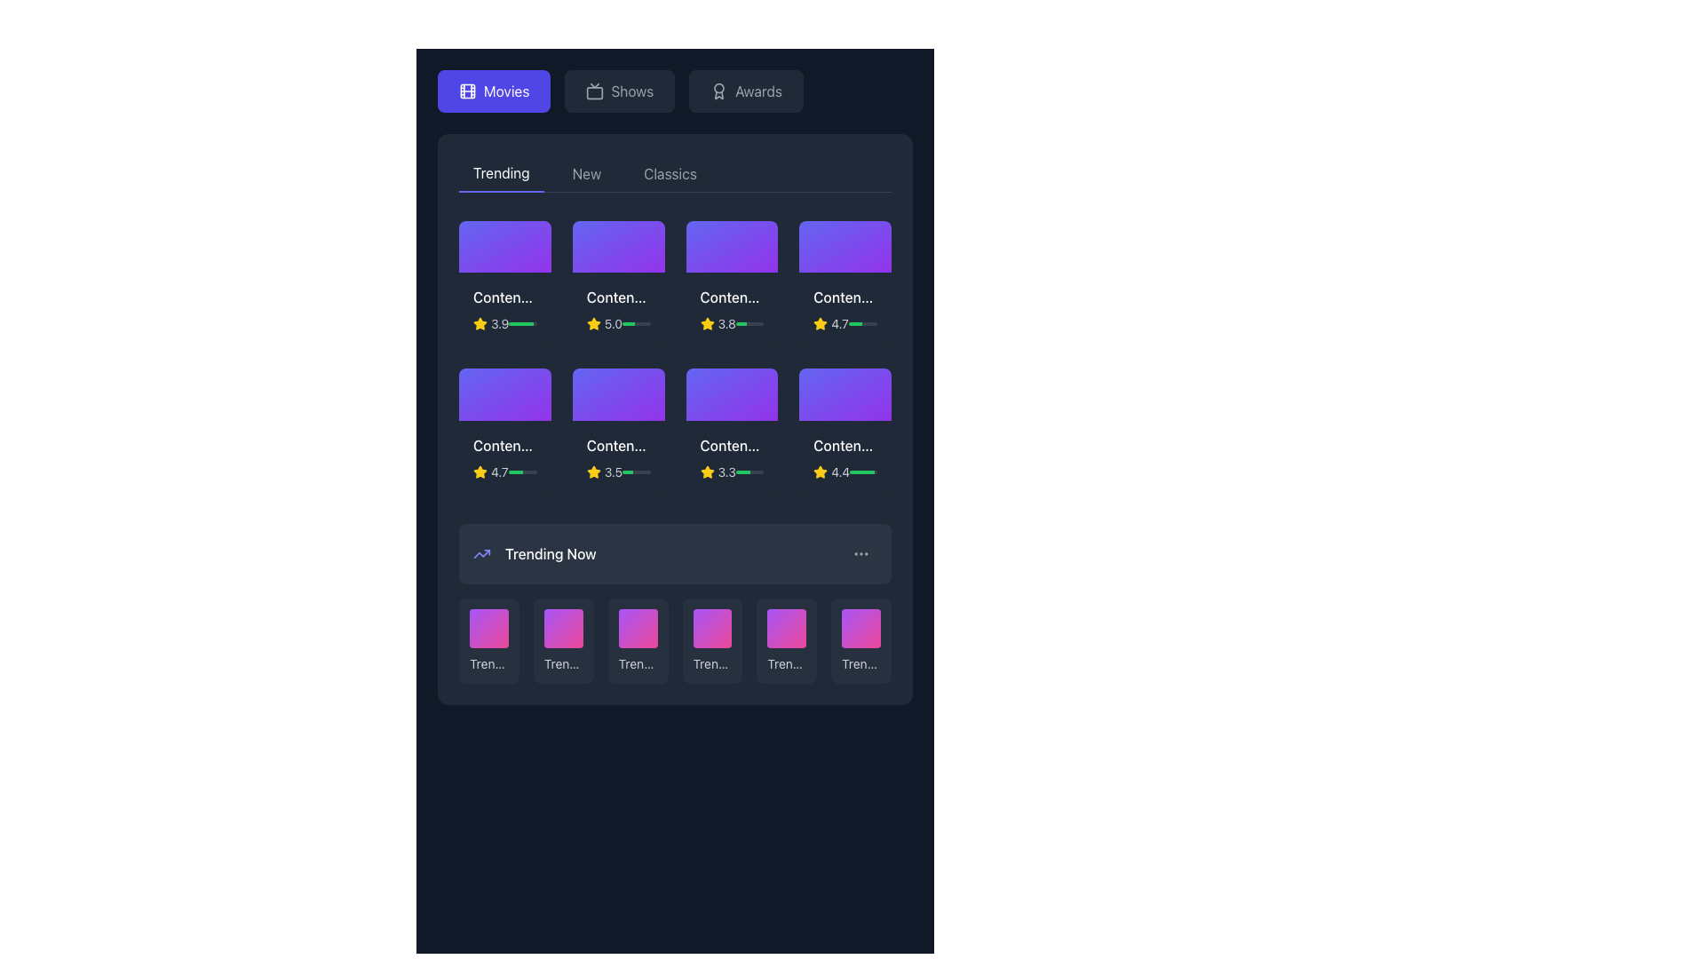 The width and height of the screenshot is (1705, 959). What do you see at coordinates (674, 91) in the screenshot?
I see `the second button labeled 'Shows' in the row of buttons for selecting the Shows category` at bounding box center [674, 91].